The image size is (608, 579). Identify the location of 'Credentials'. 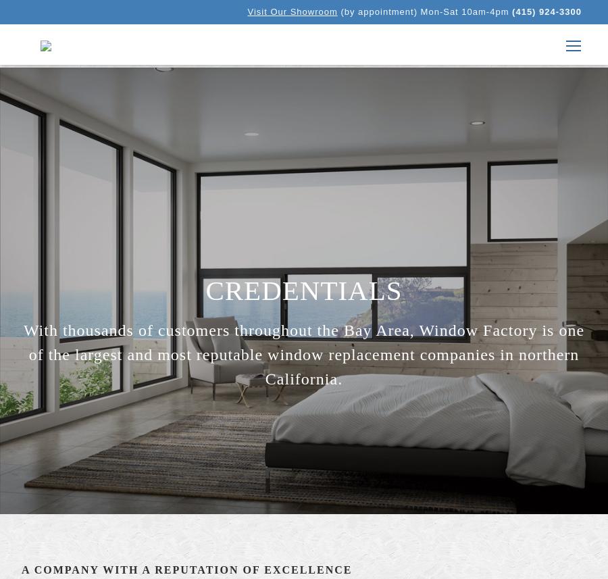
(303, 290).